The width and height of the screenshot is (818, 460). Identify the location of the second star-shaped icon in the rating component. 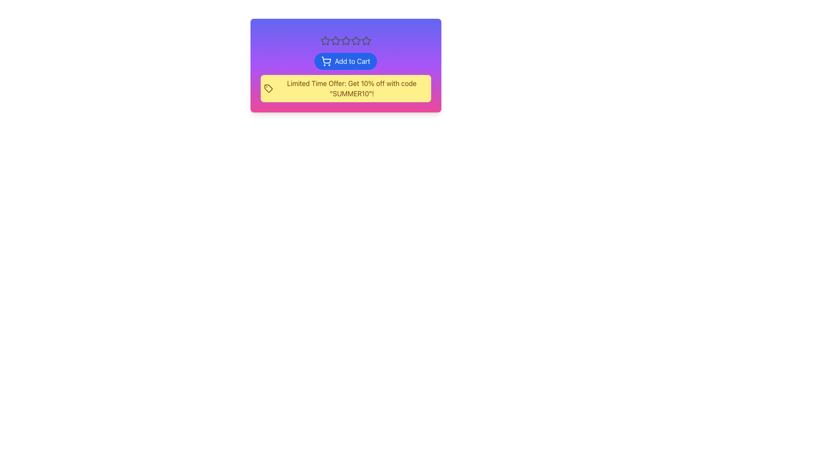
(346, 40).